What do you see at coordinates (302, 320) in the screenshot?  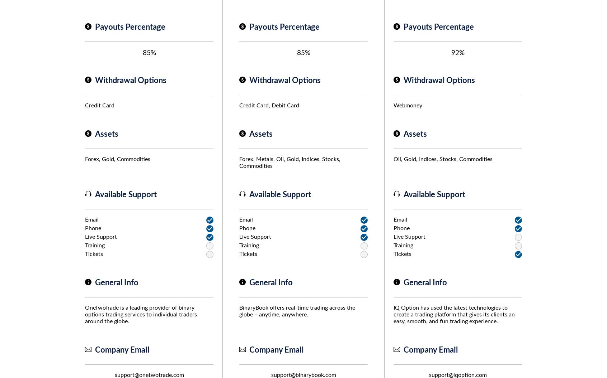 I see `'Why is FinancesOnline free?'` at bounding box center [302, 320].